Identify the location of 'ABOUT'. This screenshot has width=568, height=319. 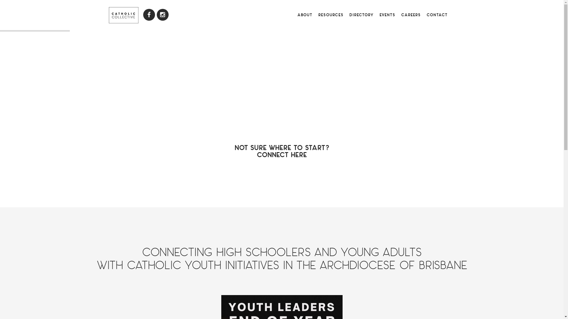
(294, 14).